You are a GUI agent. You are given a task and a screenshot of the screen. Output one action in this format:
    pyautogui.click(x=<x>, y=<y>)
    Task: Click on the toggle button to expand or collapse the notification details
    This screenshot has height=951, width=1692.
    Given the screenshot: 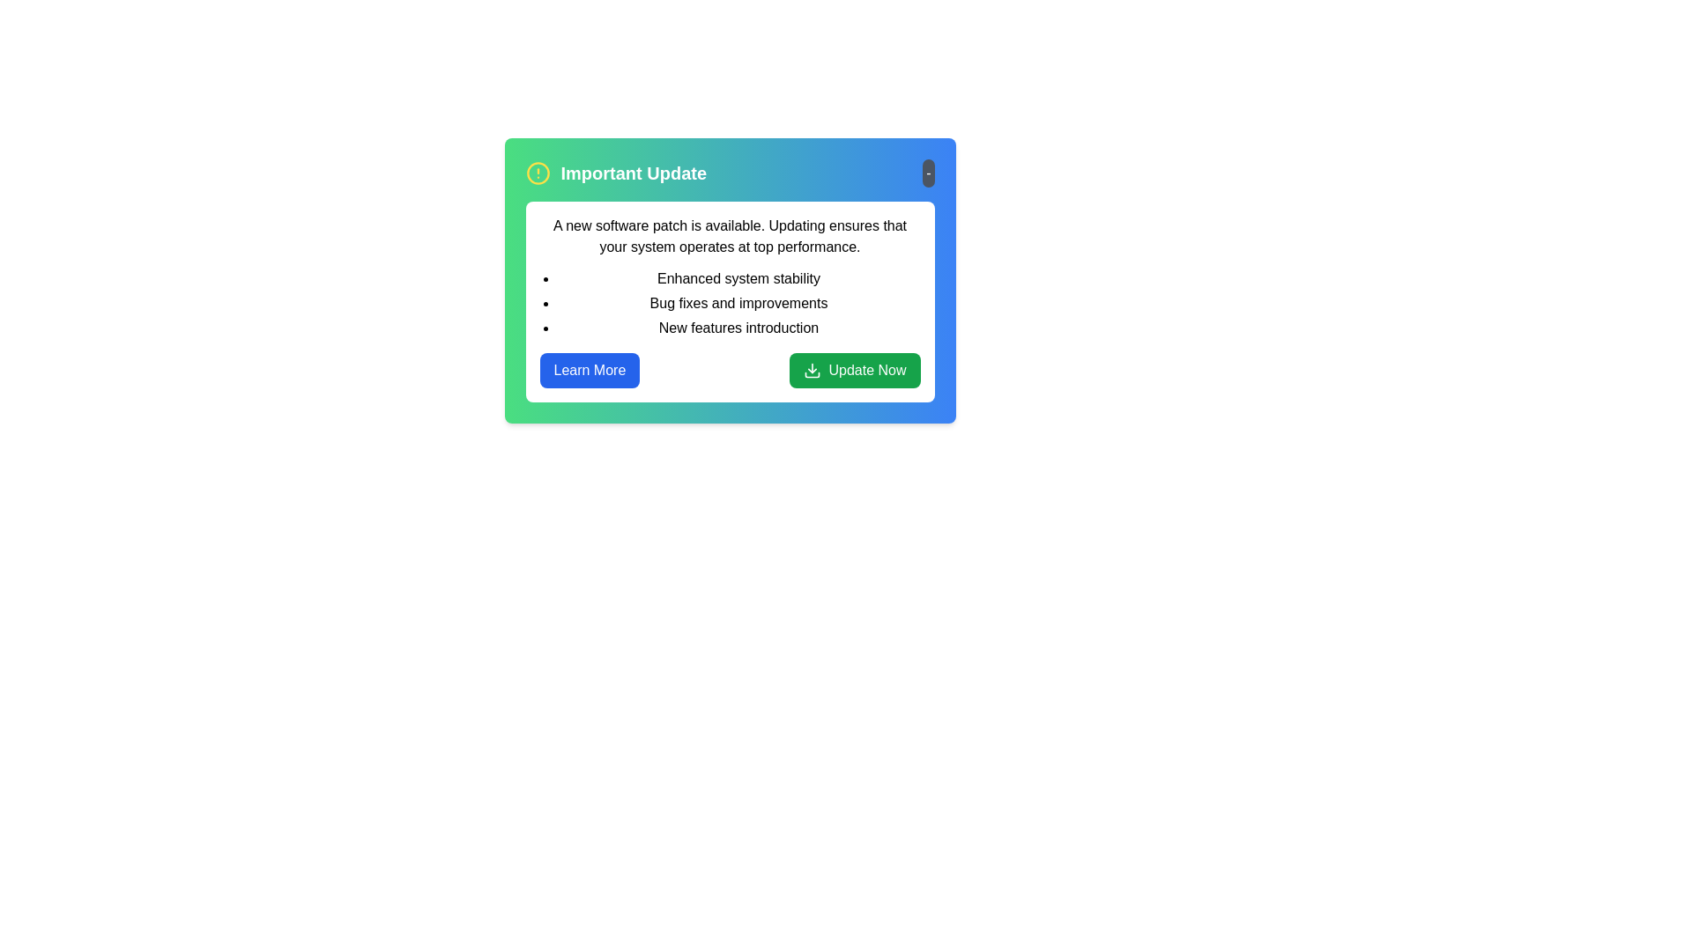 What is the action you would take?
    pyautogui.click(x=927, y=173)
    